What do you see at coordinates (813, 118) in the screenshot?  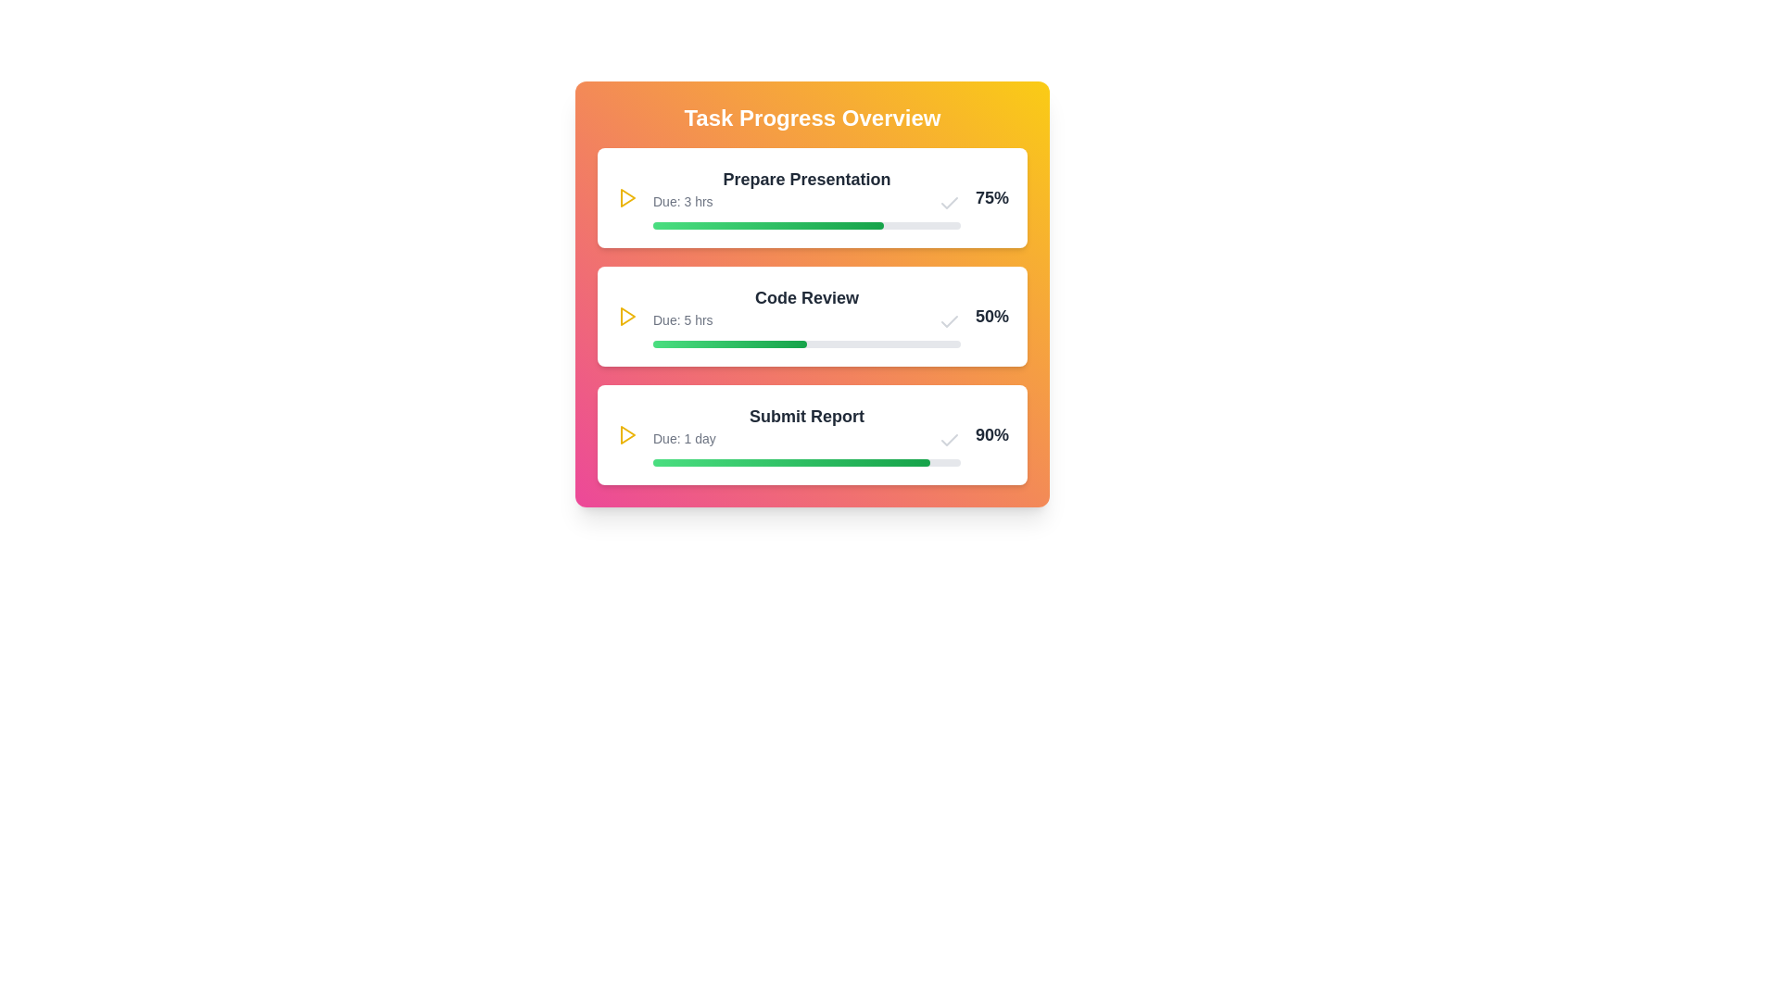 I see `large bold text block titled 'Task Progress Overview' that is centrally located at the top of the card layout` at bounding box center [813, 118].